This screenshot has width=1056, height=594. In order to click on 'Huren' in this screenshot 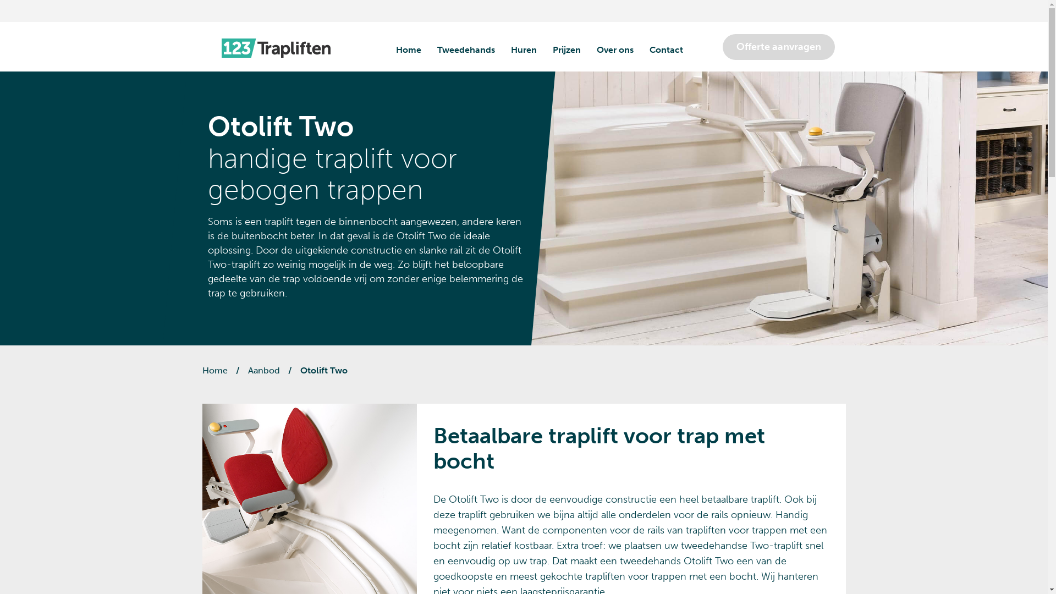, I will do `click(522, 50)`.